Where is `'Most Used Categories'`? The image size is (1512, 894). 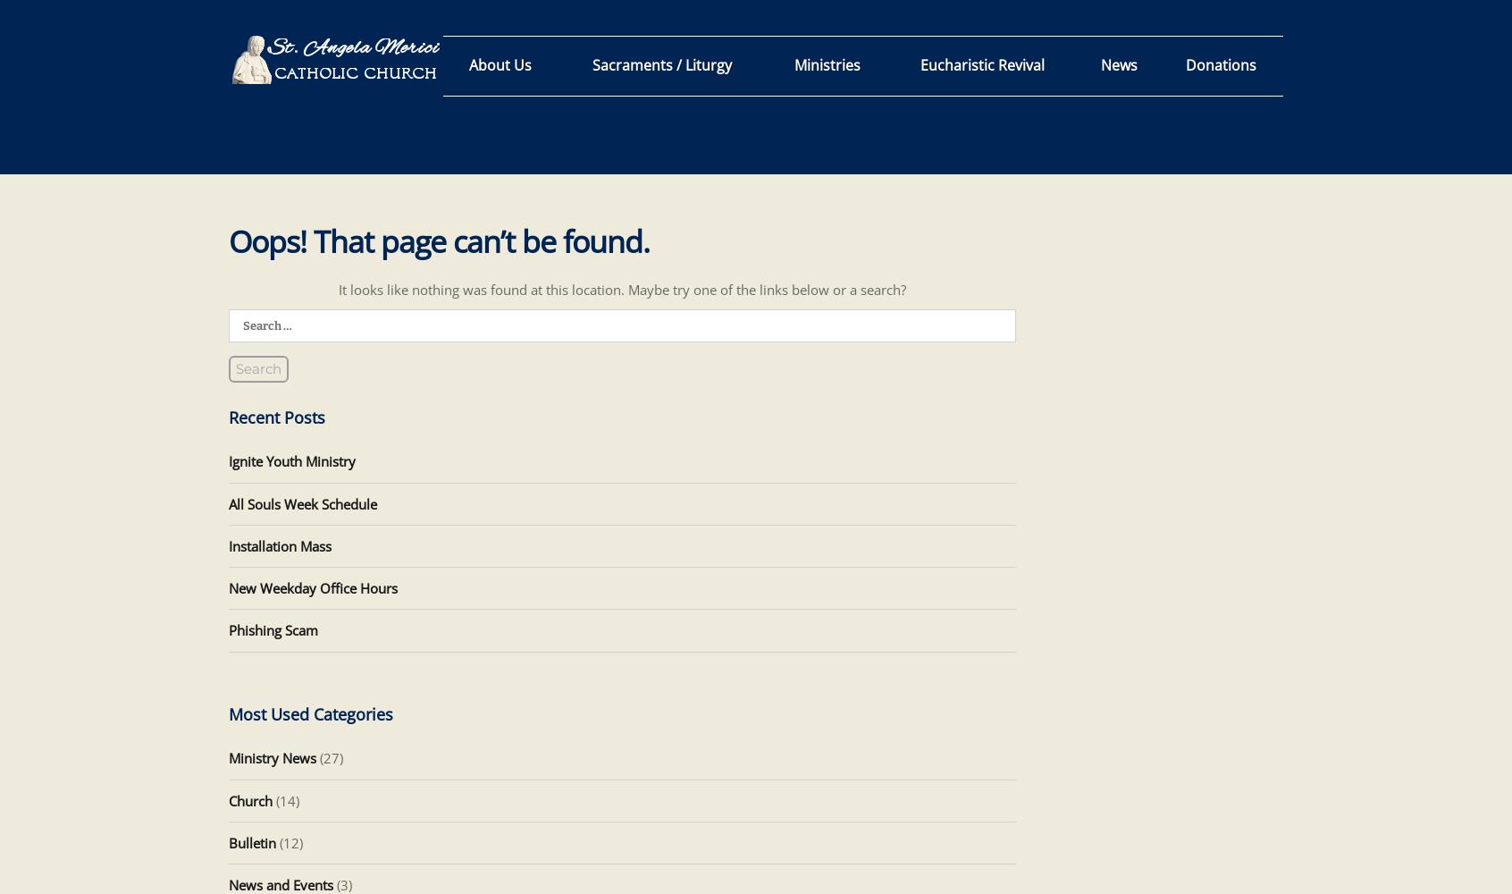 'Most Used Categories' is located at coordinates (309, 714).